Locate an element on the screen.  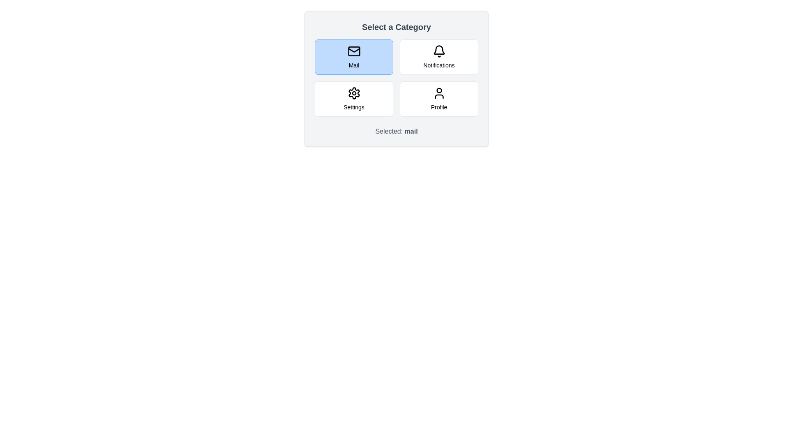
the category button corresponding to Settings is located at coordinates (354, 98).